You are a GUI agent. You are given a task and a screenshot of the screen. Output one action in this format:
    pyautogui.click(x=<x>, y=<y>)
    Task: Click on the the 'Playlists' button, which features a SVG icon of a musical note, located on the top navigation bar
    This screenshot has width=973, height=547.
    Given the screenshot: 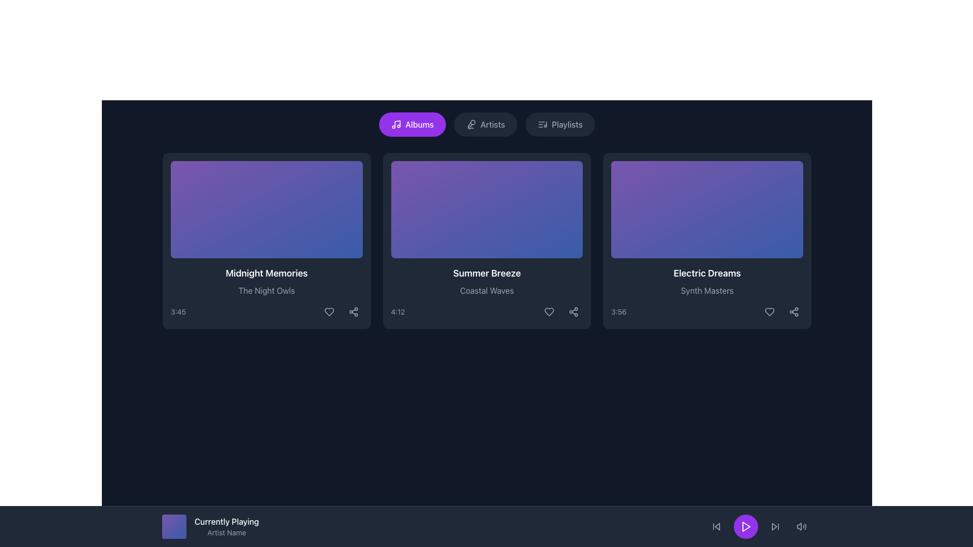 What is the action you would take?
    pyautogui.click(x=542, y=124)
    